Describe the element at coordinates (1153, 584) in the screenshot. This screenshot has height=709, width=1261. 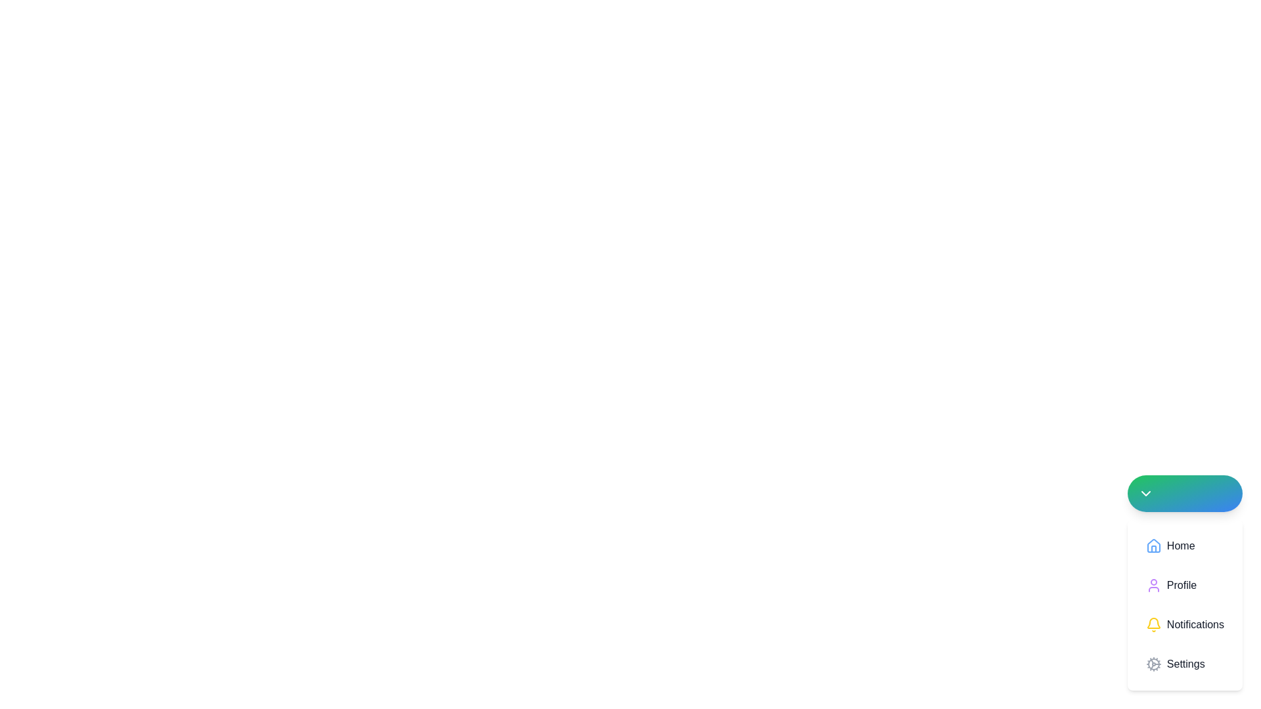
I see `the purple user icon, which is part of the 'Profile' menu option` at that location.